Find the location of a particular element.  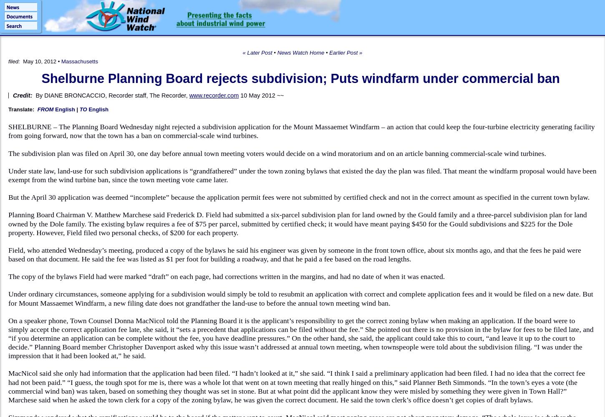

'~~' is located at coordinates (279, 95).